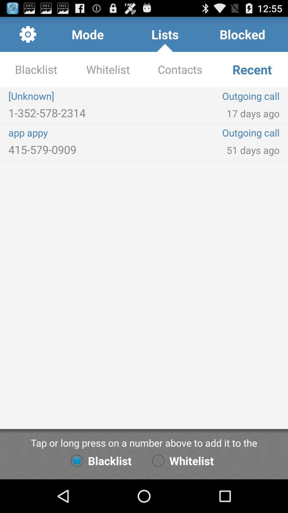  What do you see at coordinates (87, 34) in the screenshot?
I see `item to the left of lists item` at bounding box center [87, 34].